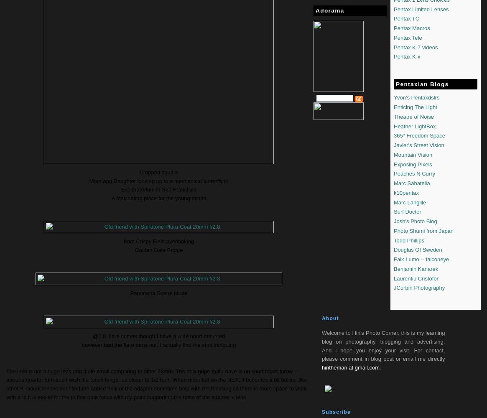 Image resolution: width=487 pixels, height=418 pixels. Describe the element at coordinates (330, 10) in the screenshot. I see `'Adorama'` at that location.